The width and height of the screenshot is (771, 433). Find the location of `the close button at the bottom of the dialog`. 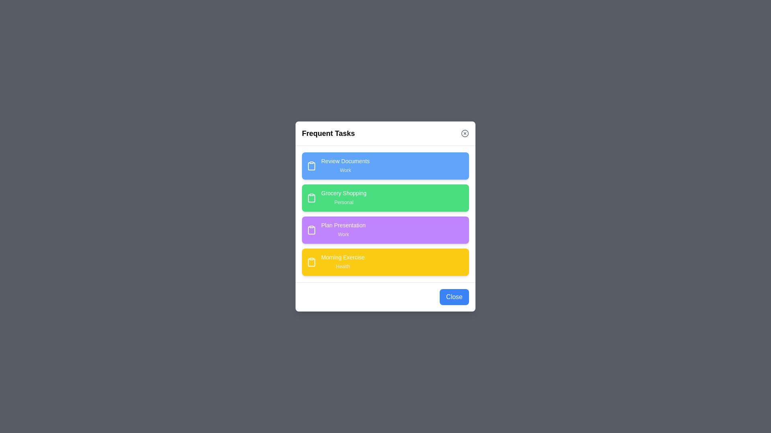

the close button at the bottom of the dialog is located at coordinates (454, 297).